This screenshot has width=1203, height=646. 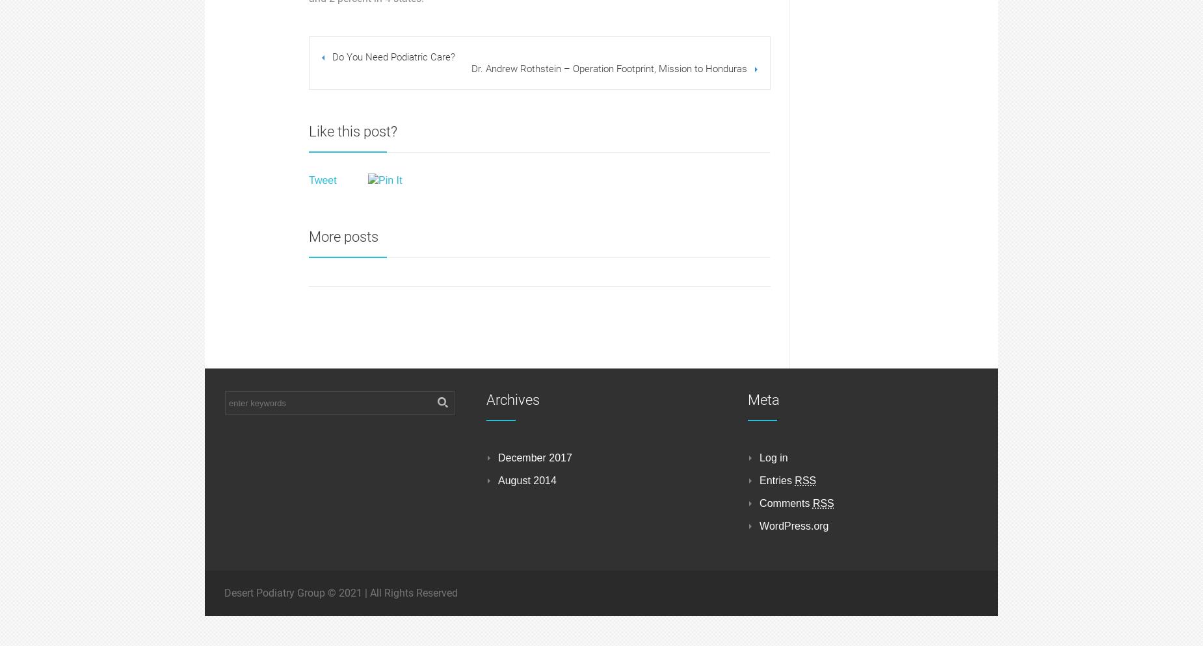 What do you see at coordinates (793, 526) in the screenshot?
I see `'WordPress.org'` at bounding box center [793, 526].